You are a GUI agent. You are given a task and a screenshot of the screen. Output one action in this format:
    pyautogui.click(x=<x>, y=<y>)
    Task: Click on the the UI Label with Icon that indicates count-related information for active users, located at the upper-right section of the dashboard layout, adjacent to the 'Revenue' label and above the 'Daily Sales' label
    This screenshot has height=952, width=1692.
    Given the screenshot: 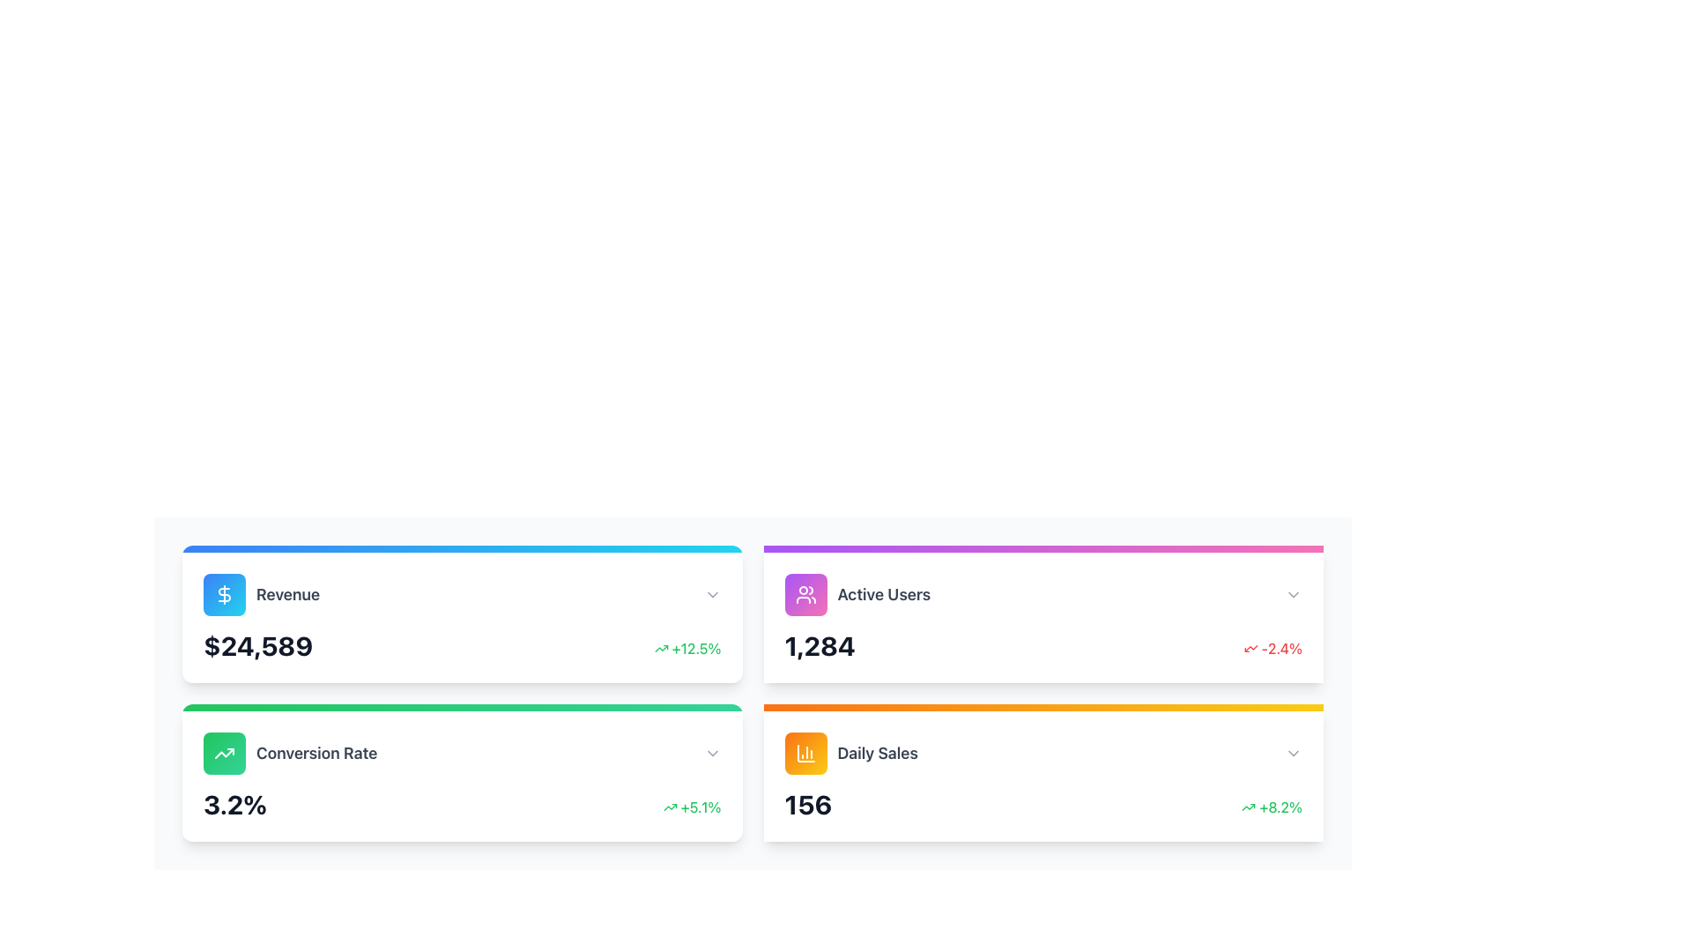 What is the action you would take?
    pyautogui.click(x=857, y=595)
    